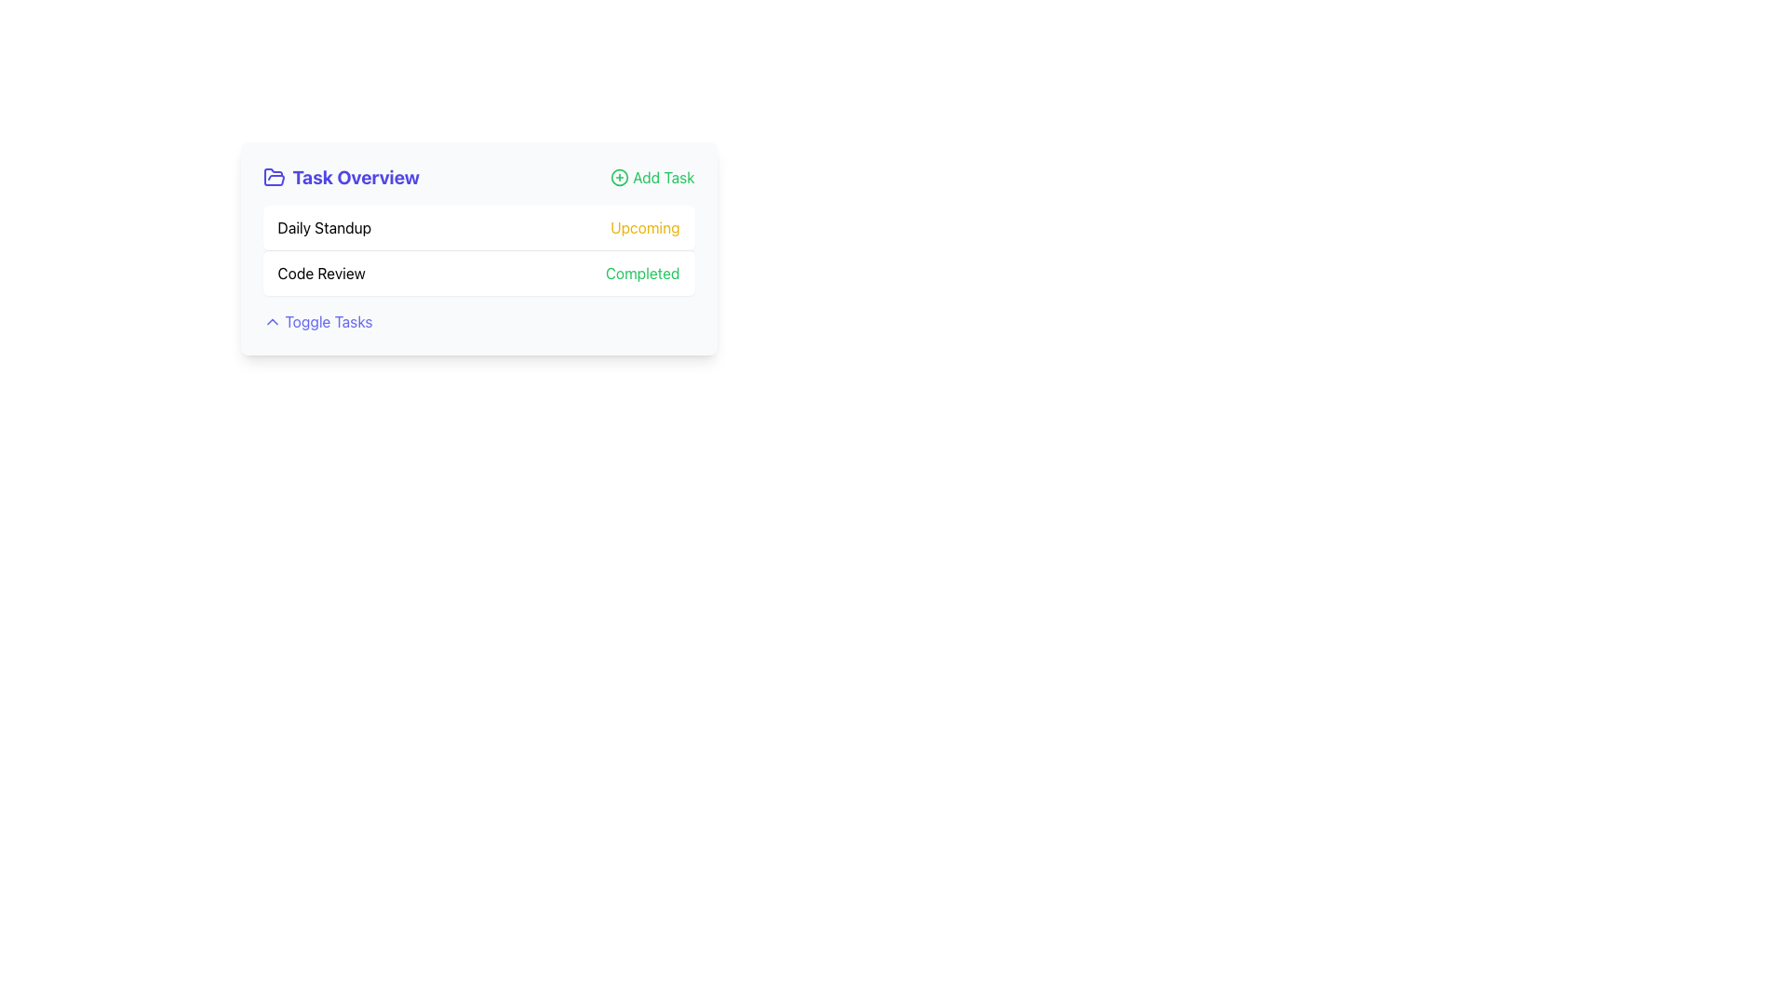 The width and height of the screenshot is (1787, 1005). I want to click on the task summary panel which provides an overview of listed tasks and their statuses, so click(478, 248).